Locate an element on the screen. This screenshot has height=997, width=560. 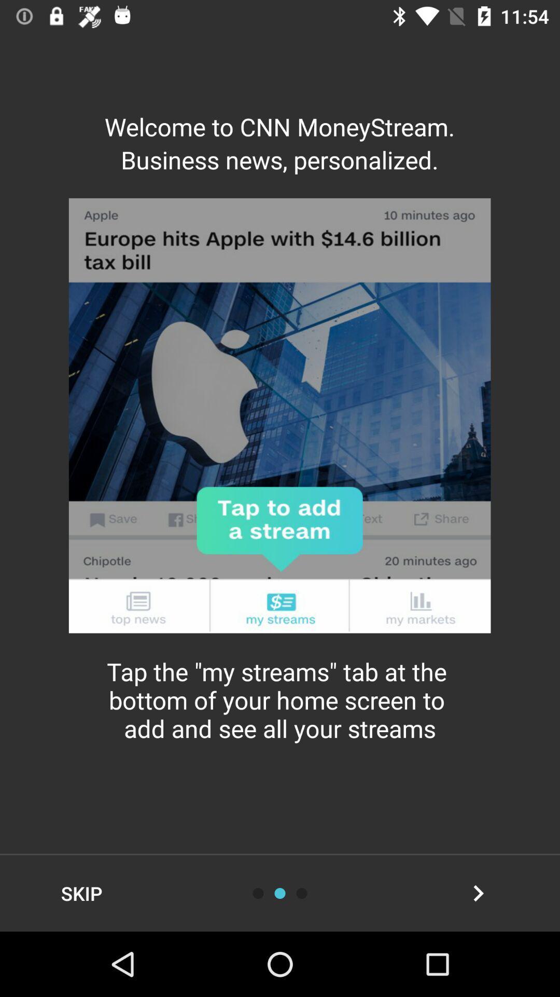
item at the bottom left corner is located at coordinates (81, 893).